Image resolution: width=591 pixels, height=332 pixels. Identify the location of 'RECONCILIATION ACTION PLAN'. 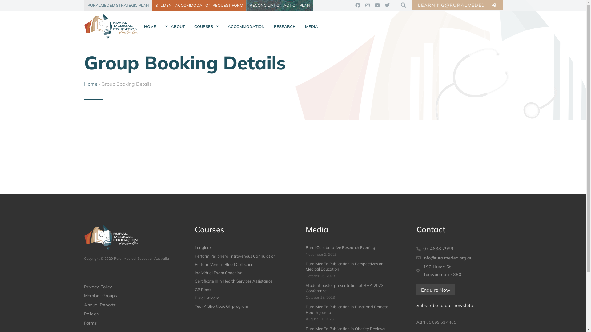
(279, 5).